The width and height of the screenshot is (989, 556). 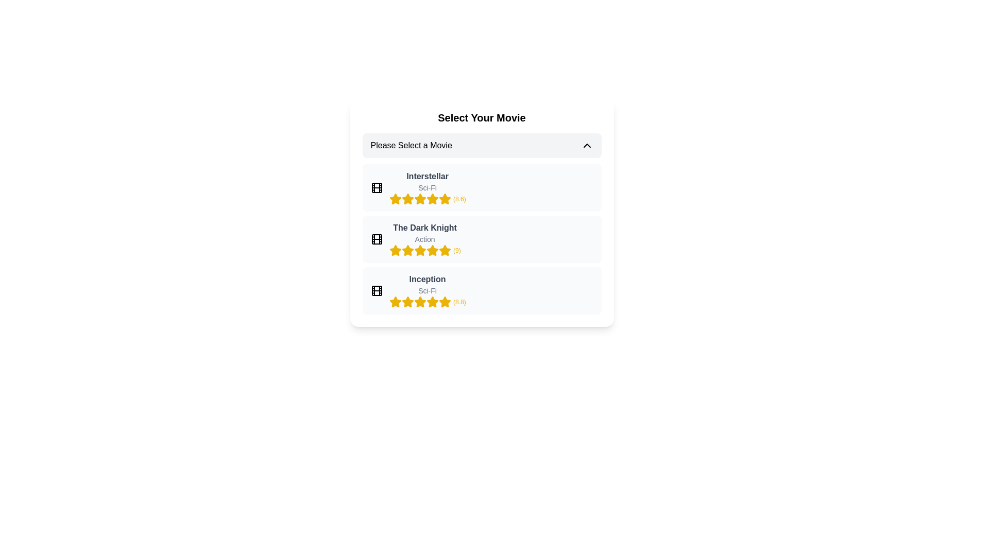 What do you see at coordinates (407, 301) in the screenshot?
I see `the fifth star icon in the movie rating section, which is adjacent to the rating '8.8' for 'Inception'` at bounding box center [407, 301].